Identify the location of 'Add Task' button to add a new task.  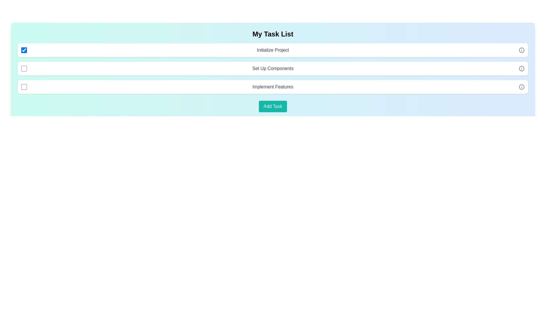
(272, 106).